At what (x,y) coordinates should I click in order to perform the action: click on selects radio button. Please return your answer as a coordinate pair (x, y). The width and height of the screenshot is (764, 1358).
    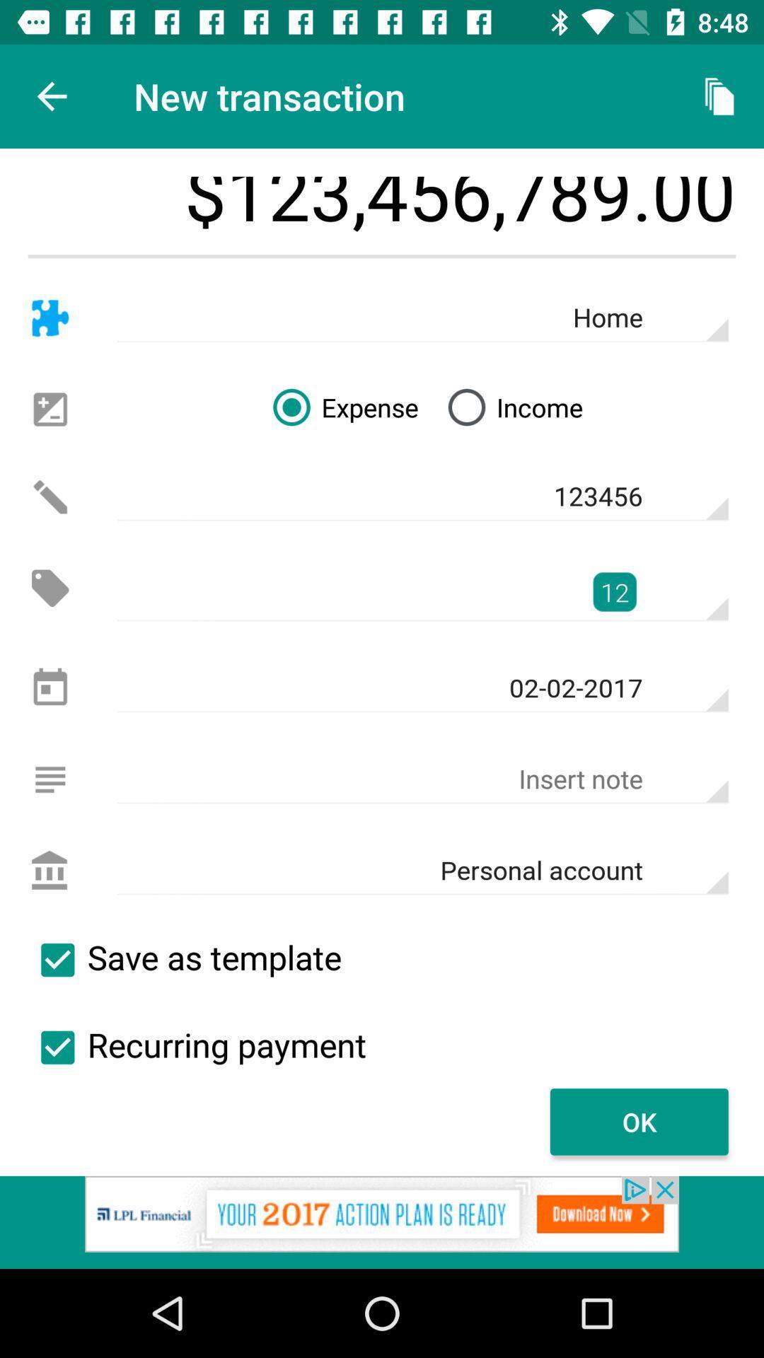
    Looking at the image, I should click on (57, 1047).